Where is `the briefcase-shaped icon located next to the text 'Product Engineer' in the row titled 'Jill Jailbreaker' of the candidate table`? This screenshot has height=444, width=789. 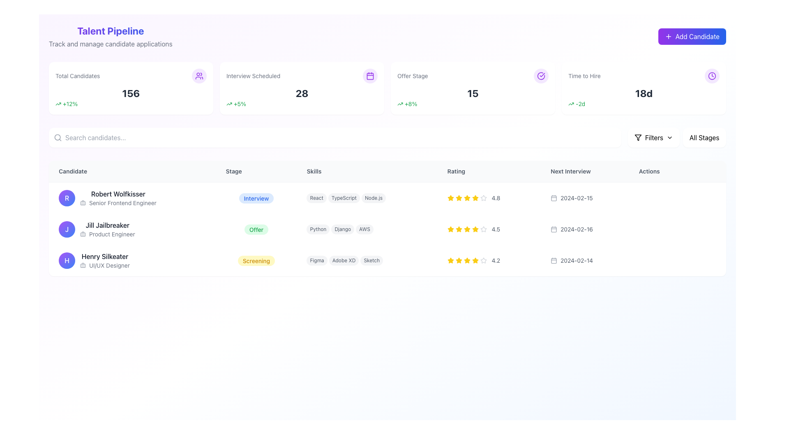
the briefcase-shaped icon located next to the text 'Product Engineer' in the row titled 'Jill Jailbreaker' of the candidate table is located at coordinates (83, 234).